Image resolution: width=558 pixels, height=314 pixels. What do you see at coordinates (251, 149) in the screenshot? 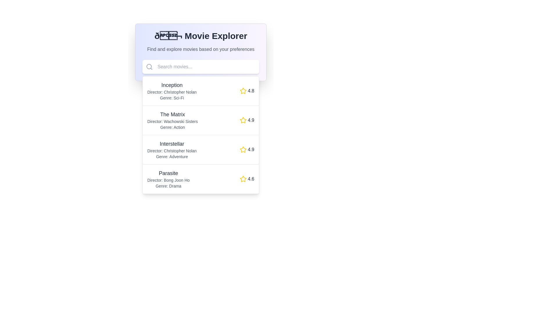
I see `the numeric rating '4.9' displayed in bold text, which is located to the right of the star icon for the movie 'Interstellar'` at bounding box center [251, 149].